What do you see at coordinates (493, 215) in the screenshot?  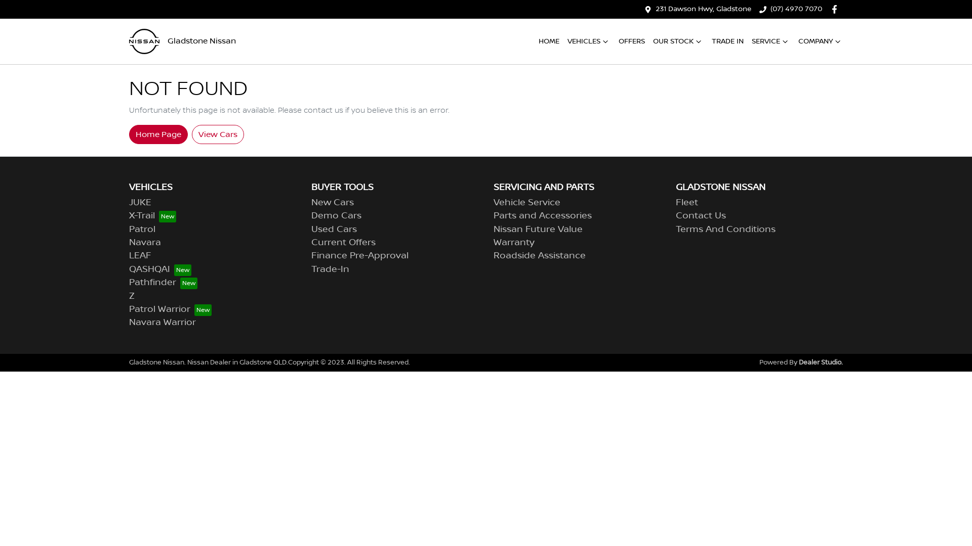 I see `'Parts and Accessories'` at bounding box center [493, 215].